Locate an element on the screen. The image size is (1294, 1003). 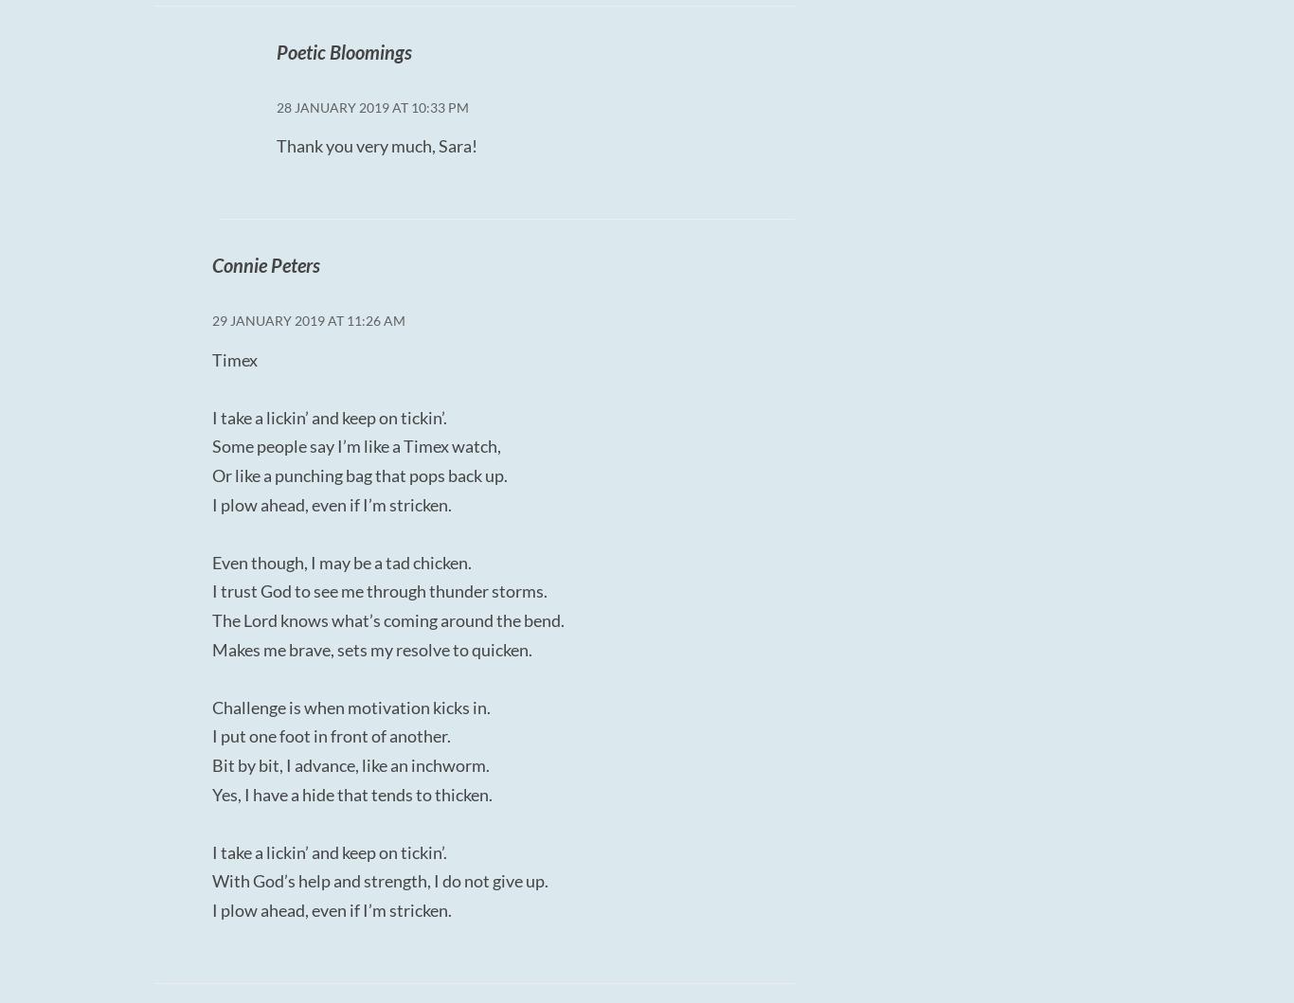
'I trust God to see me through thunder storms.' is located at coordinates (379, 589).